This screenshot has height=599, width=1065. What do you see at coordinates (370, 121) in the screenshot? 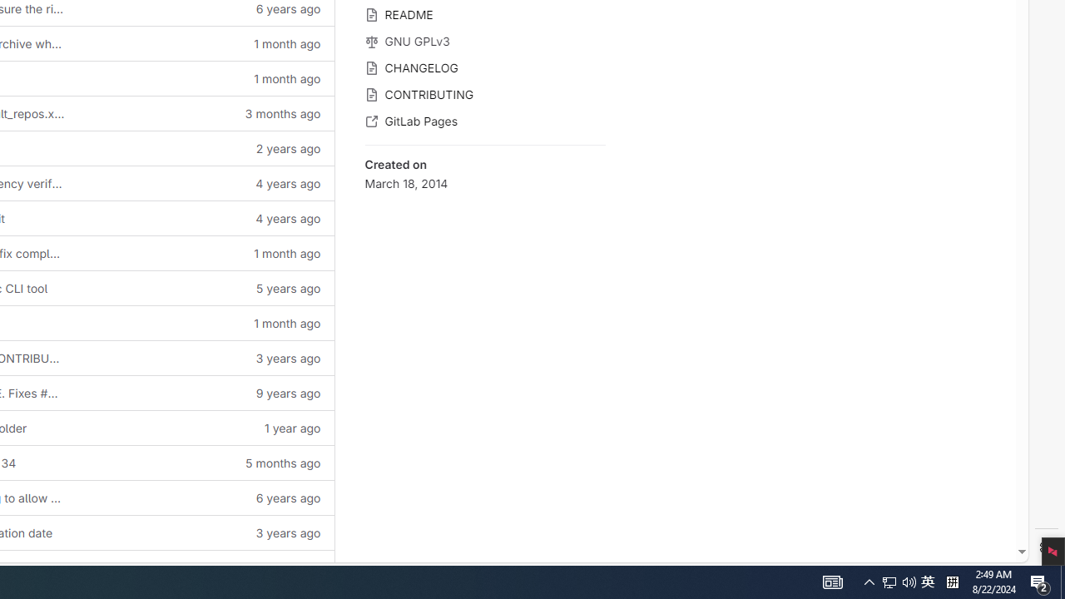
I see `'Class: s16 icon gl-mr-3 gl-text-gray-500'` at bounding box center [370, 121].